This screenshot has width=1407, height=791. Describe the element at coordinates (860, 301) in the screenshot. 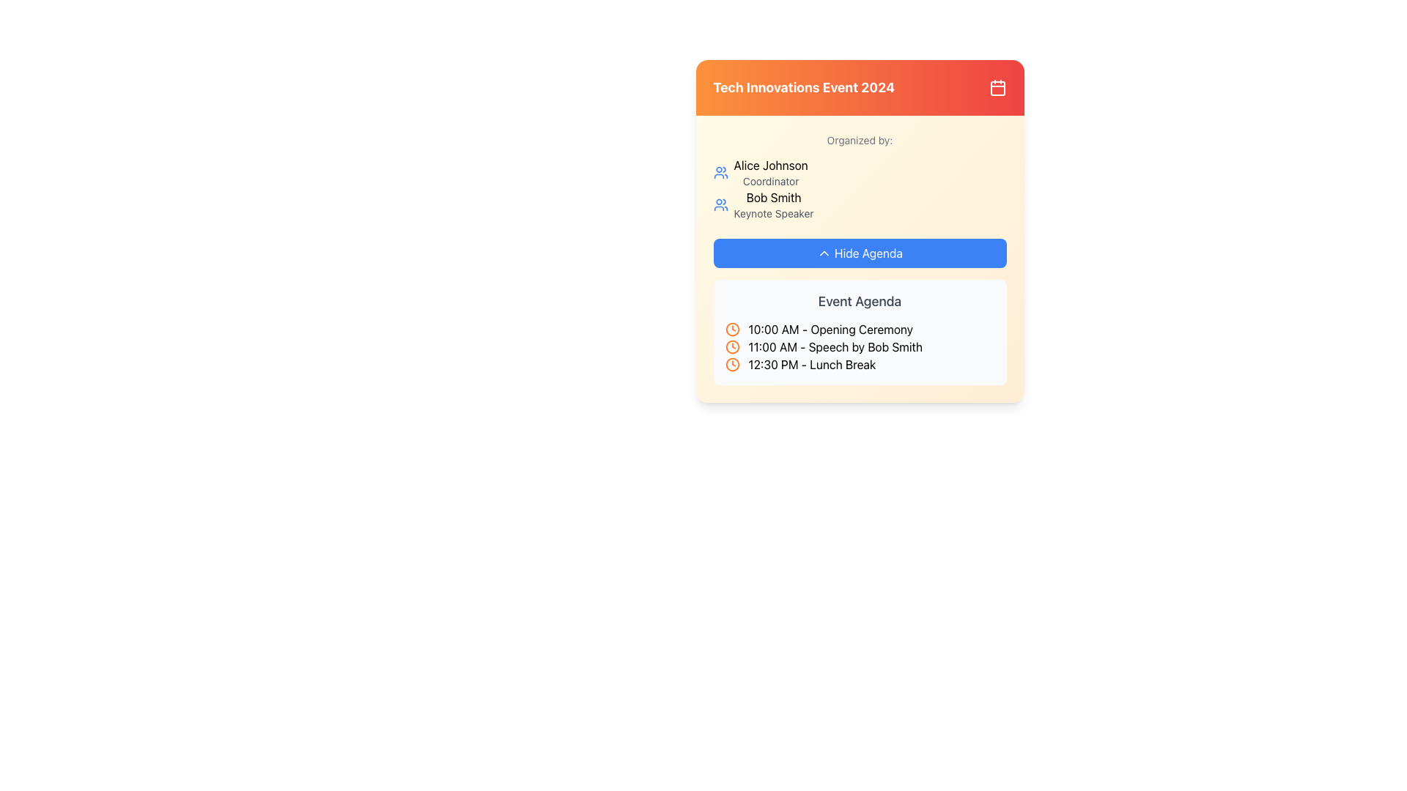

I see `the 'Event Agenda' text header, which is prominently styled in dark gray and located centrally within a light gray card, situated below the 'Hide Agenda' button` at that location.